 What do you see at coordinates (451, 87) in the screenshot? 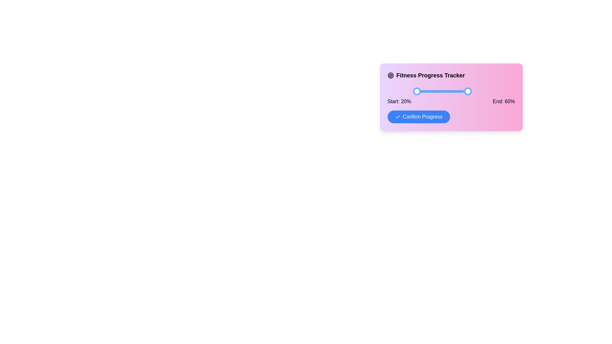
I see `the horizontal progress bar with interactive draggable handles located centrally in the card below the 'Fitness Progress Tracker' title` at bounding box center [451, 87].